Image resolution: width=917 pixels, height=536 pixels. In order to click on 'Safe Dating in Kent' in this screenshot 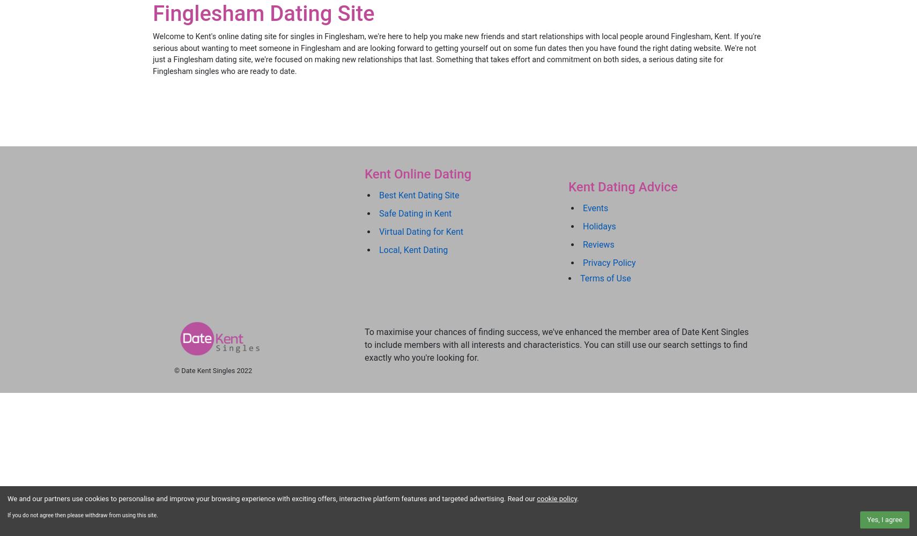, I will do `click(379, 213)`.